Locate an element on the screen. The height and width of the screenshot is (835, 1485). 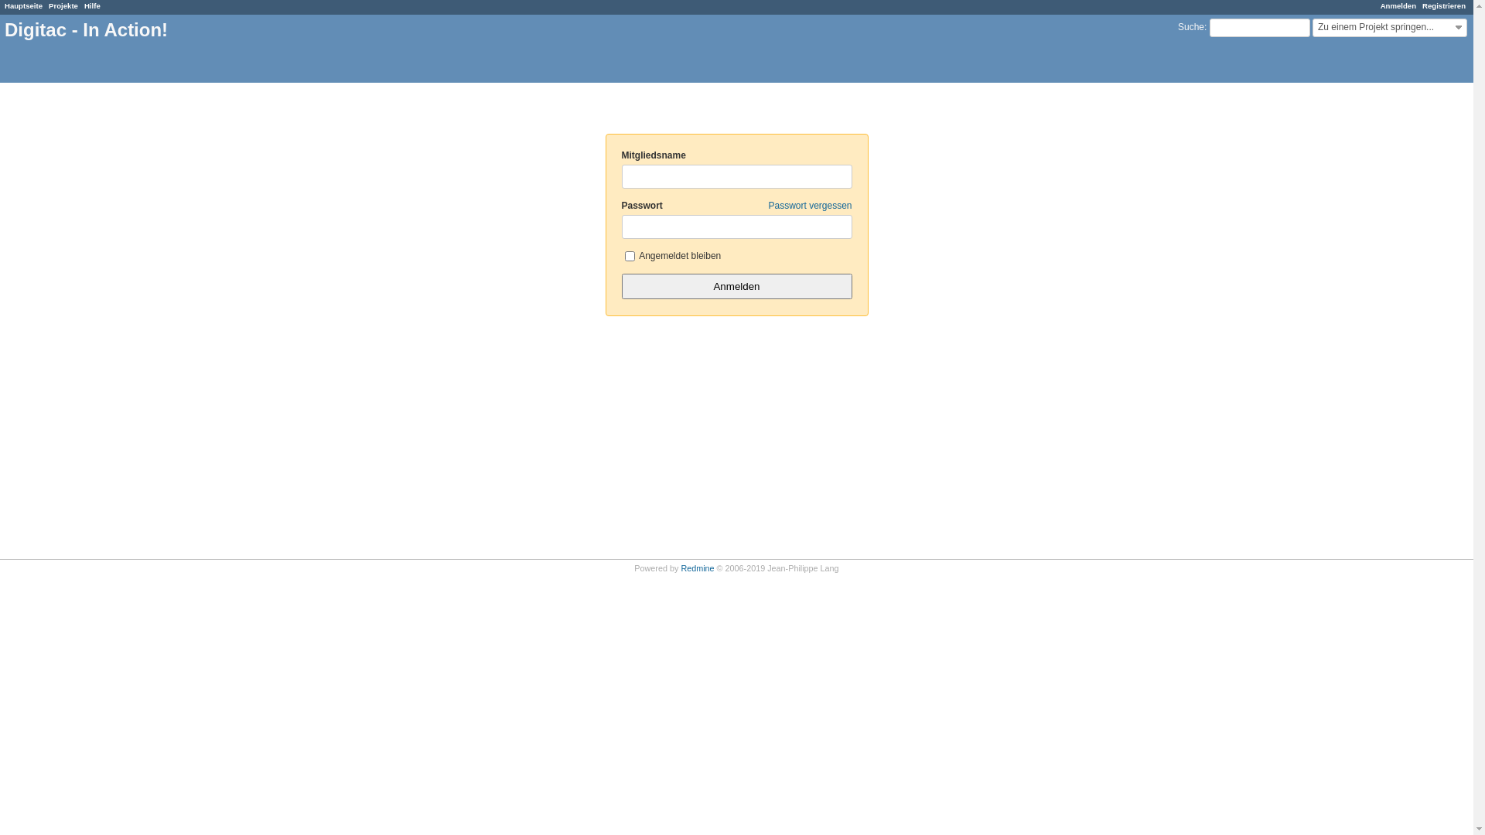
'Hauptseite' is located at coordinates (23, 5).